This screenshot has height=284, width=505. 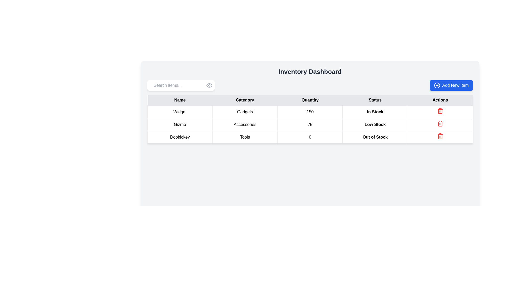 What do you see at coordinates (310, 100) in the screenshot?
I see `the static text label indicating the 'Quantity' column, located in the third column of the table header, between 'Category' and 'Status'` at bounding box center [310, 100].